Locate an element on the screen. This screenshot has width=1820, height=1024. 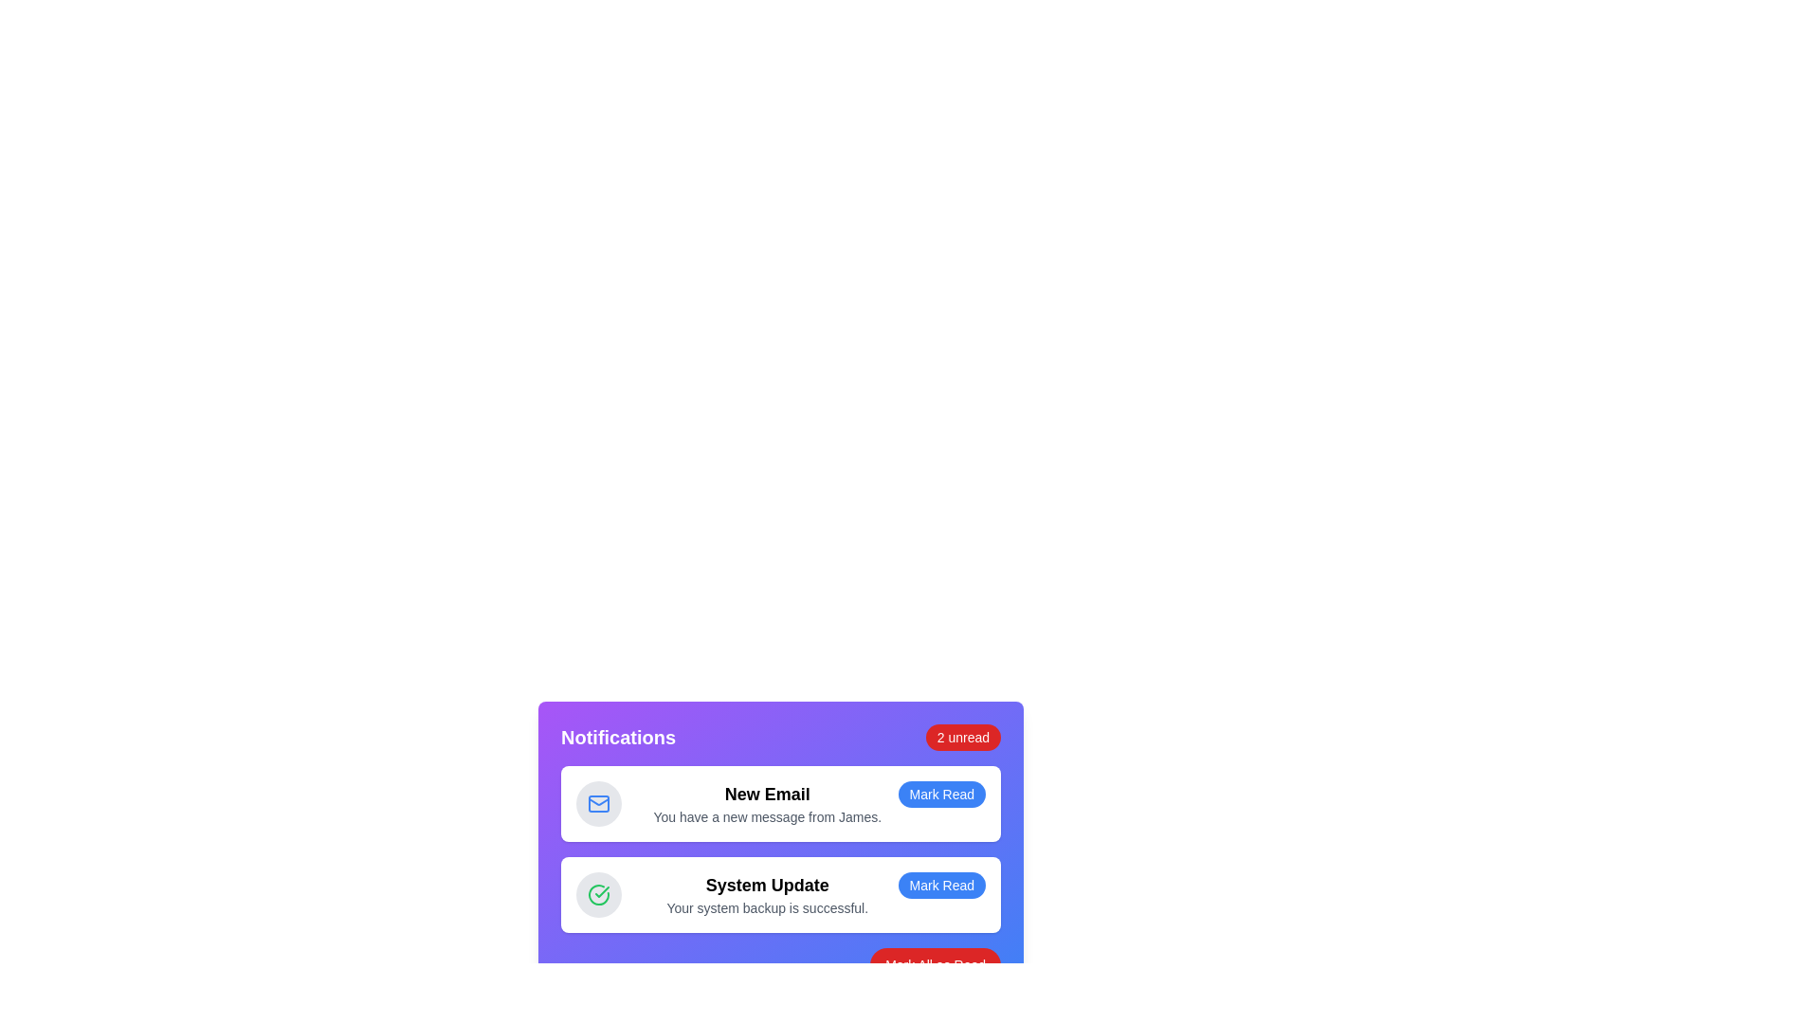
the 'Notifications' text label, which is styled in bold, extra-large white font on a purple background, located at the upper-left corner of the notifications area is located at coordinates (618, 737).